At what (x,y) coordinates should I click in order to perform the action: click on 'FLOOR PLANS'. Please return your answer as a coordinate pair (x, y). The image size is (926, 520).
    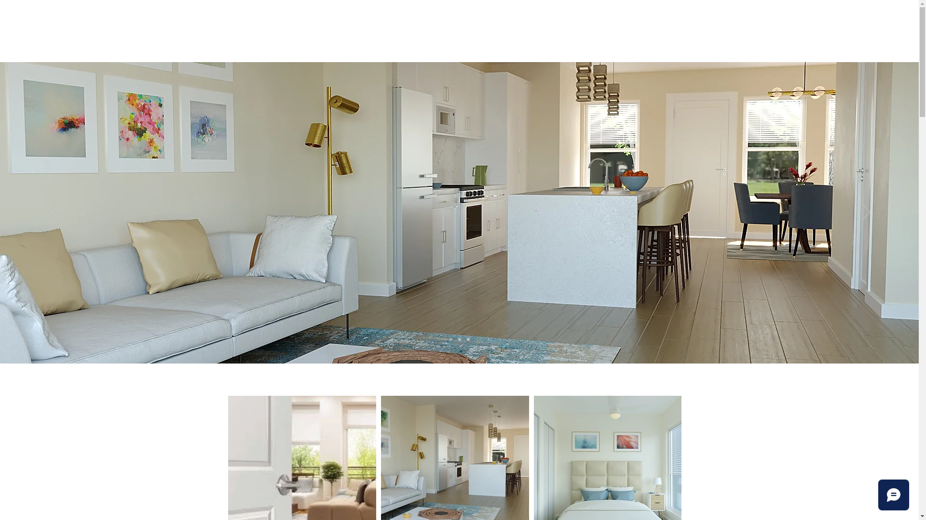
    Looking at the image, I should click on (460, 50).